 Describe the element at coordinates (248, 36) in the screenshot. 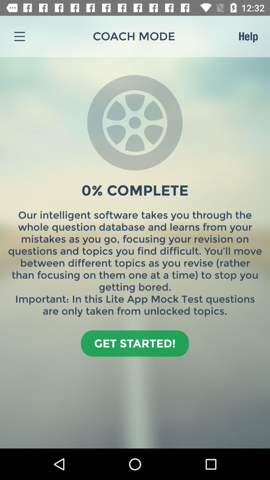

I see `the icon next to coach mode icon` at that location.